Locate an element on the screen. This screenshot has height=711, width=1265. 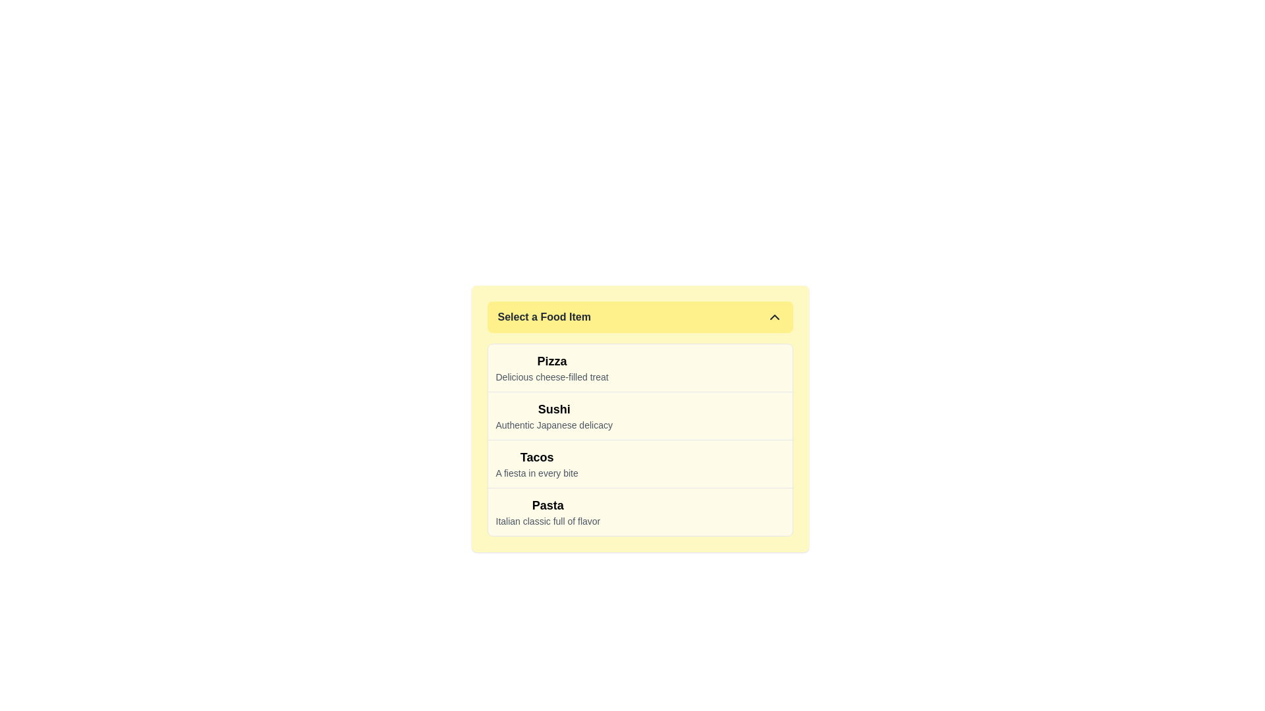
the descriptive text label for the 'Pasta' food item, which is positioned below the bold 'Pasta' heading within the list of food options is located at coordinates (548, 520).